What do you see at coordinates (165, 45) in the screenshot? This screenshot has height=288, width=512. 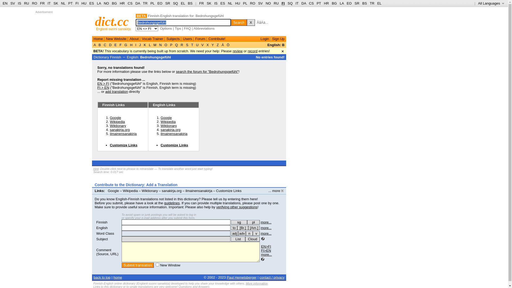 I see `'O'` at bounding box center [165, 45].